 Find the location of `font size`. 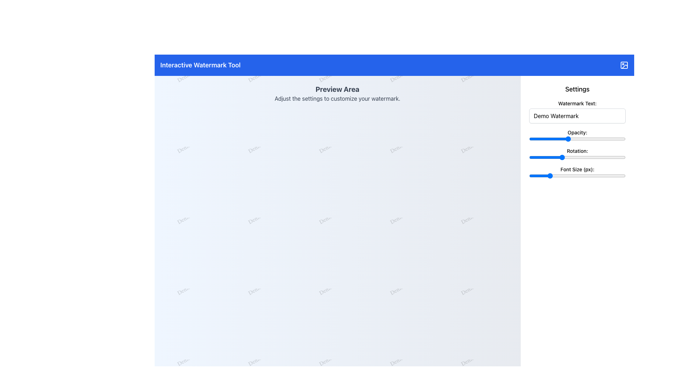

font size is located at coordinates (612, 176).